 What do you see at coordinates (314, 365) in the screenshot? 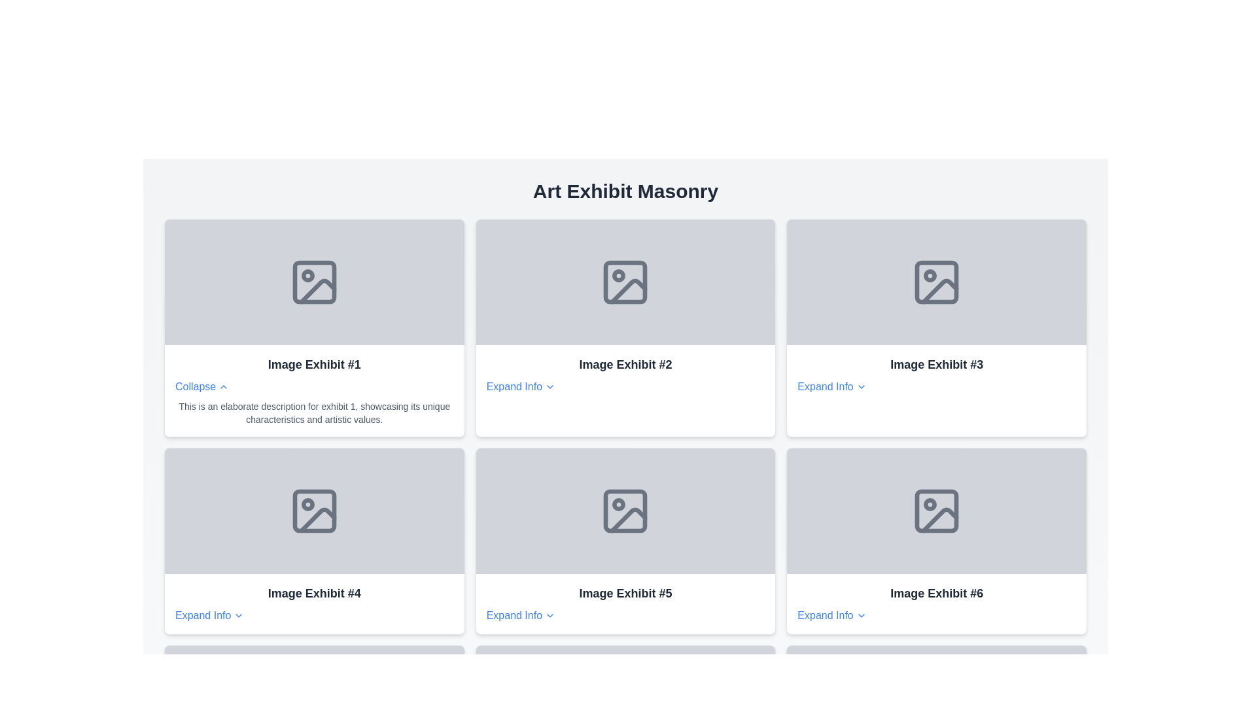
I see `the bolded gray text label reading 'Image Exhibit #1', which is positioned prominently within the first card layout directly below the image placeholder` at bounding box center [314, 365].